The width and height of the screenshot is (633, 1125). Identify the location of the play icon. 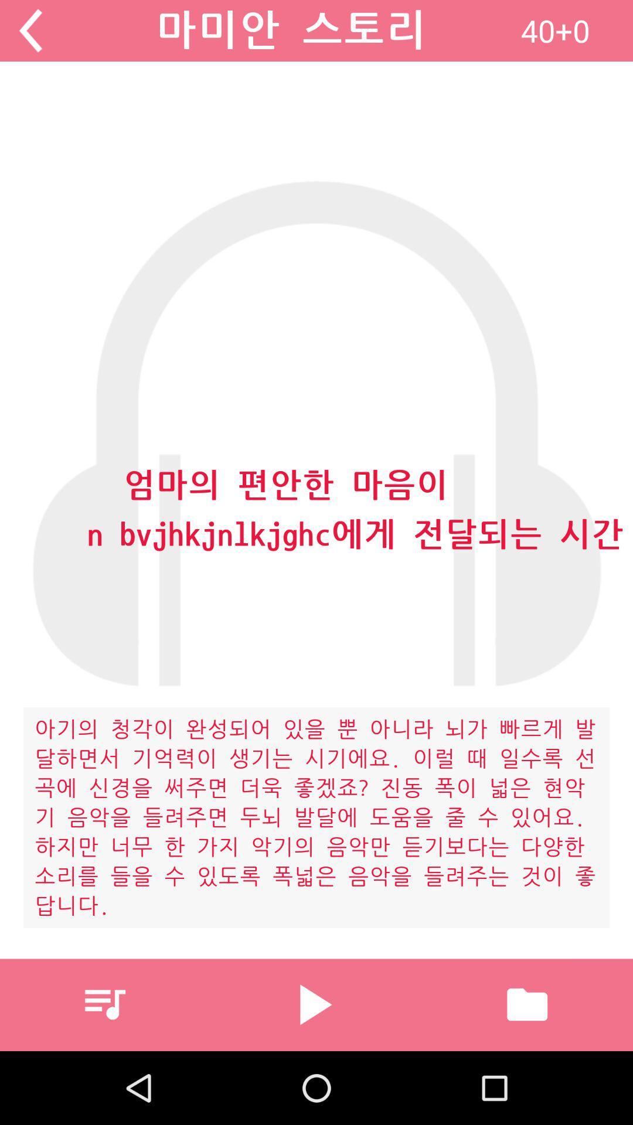
(315, 1075).